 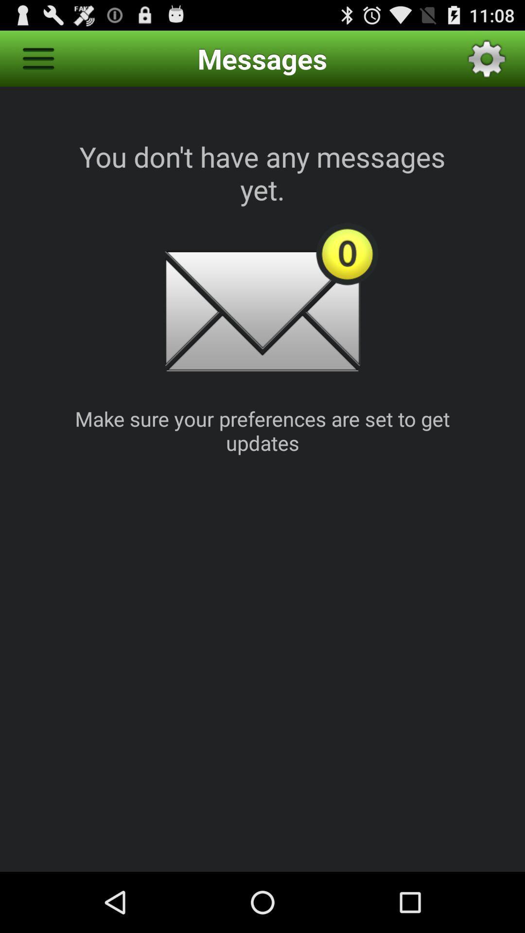 What do you see at coordinates (37, 58) in the screenshot?
I see `app to the left of the messages icon` at bounding box center [37, 58].